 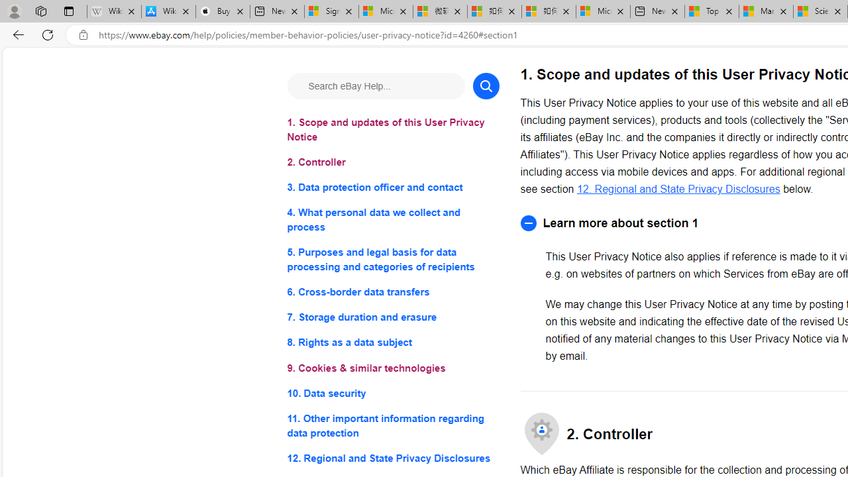 I want to click on '1. Scope and updates of this User Privacy Notice', so click(x=392, y=130).